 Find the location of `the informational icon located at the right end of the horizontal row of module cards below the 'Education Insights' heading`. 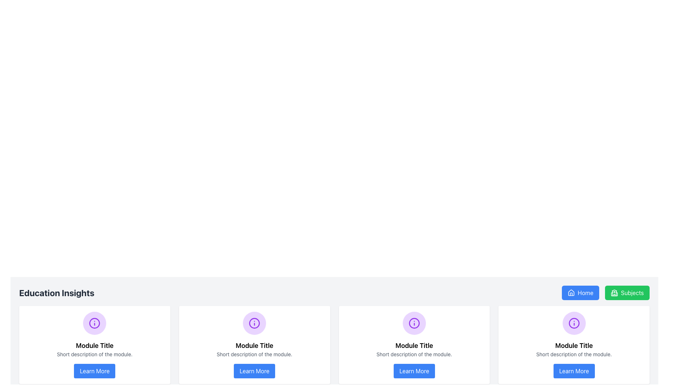

the informational icon located at the right end of the horizontal row of module cards below the 'Education Insights' heading is located at coordinates (573, 323).